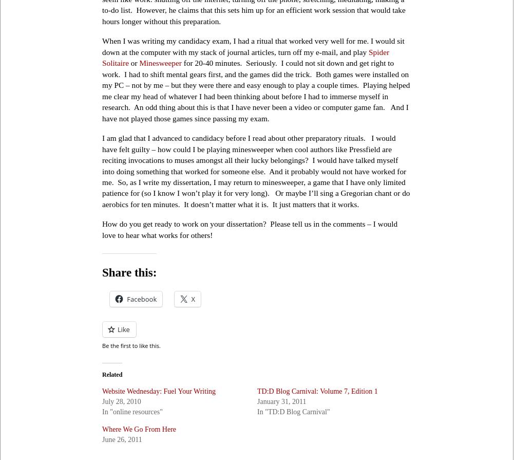 This screenshot has height=460, width=514. Describe the element at coordinates (256, 171) in the screenshot. I see `'I am glad that I advanced to candidacy before I read about other preparatory rituals.   I would have felt guilty – how could I be playing minesweeper when cool authors like Pressfield are reciting invocations to muses amongst all their lucky belongings?  I would have talked myself into doing something that worked for someone else.  And it probably would not have worked for me.  So, as I write my dissertation, I may return to minesweeper, a game that I have only limited patience for (so I know I won’t play it for very long).   Or maybe I’ll sing a Gregorian chant or do aerobics for ten minutes.  It doesn’t matter what it is.  It just matters that it works.'` at that location.